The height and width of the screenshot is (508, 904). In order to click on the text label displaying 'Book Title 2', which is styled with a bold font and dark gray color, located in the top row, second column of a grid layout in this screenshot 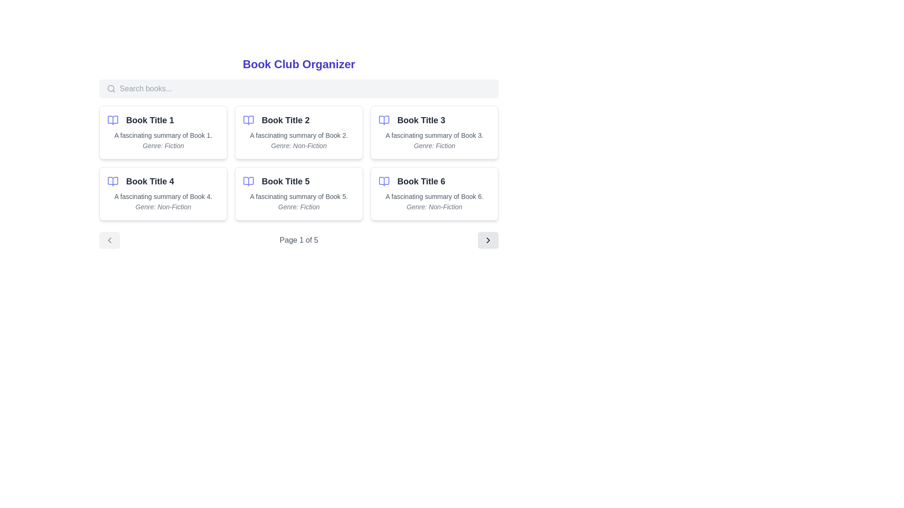, I will do `click(298, 119)`.